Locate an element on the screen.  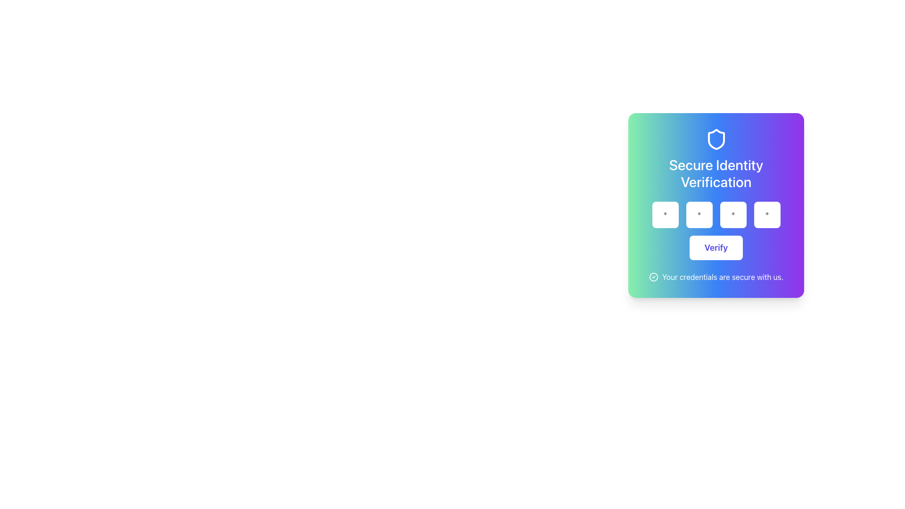
the 'Verify' button, which is a rectangular button with a bold indigo label on a white background, located at the bottom of a card component with a gradient background is located at coordinates (716, 247).